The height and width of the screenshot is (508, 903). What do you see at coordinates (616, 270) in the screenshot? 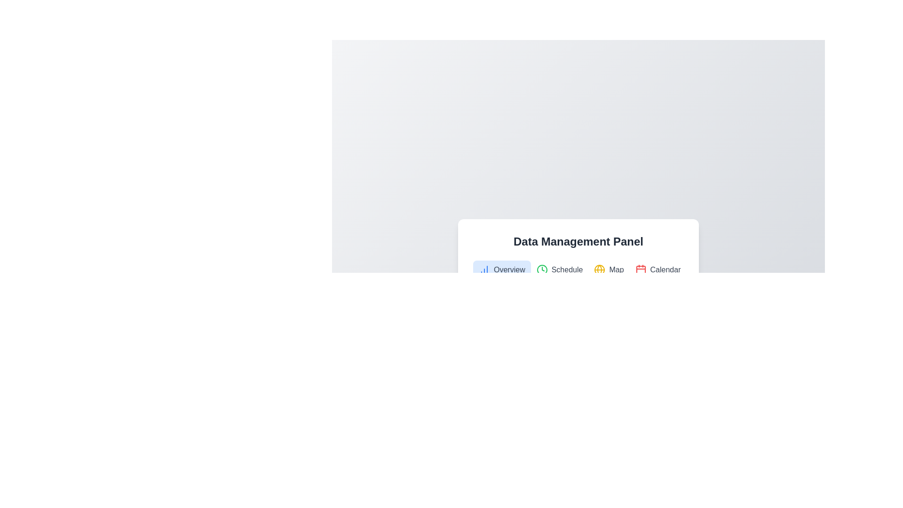
I see `the 'Map' text label in the horizontal navigation menu located beneath the 'Data Management Panel' title, which follows the 'Schedule' section and precedes the 'Calendar' section` at bounding box center [616, 270].